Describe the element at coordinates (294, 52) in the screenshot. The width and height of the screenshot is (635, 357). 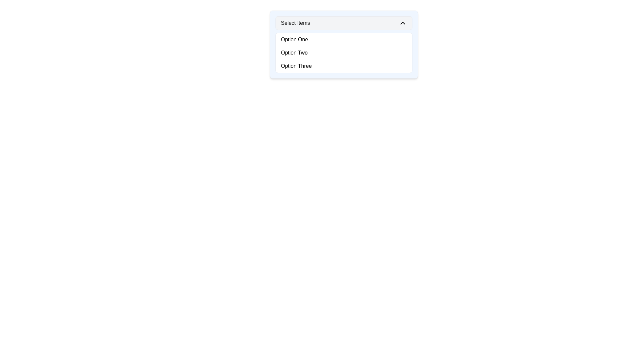
I see `the List item displaying 'Option Two' in the dropdown menu` at that location.